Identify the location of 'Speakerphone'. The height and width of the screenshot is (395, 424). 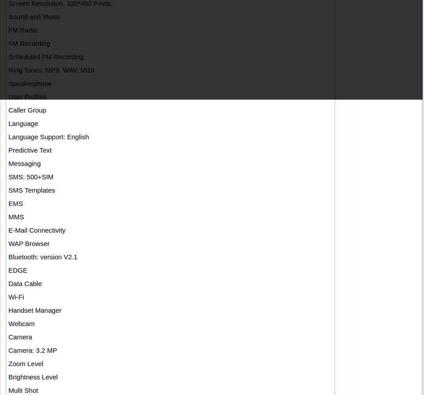
(29, 83).